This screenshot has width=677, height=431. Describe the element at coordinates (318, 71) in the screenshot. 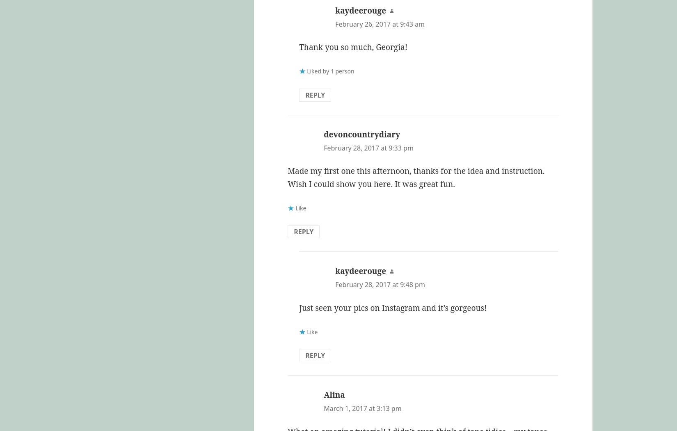

I see `'Liked by'` at that location.